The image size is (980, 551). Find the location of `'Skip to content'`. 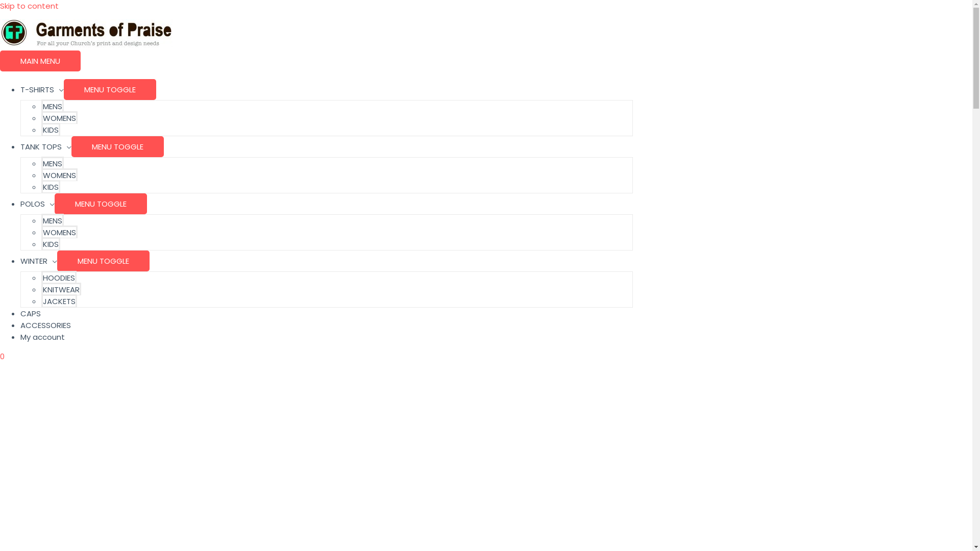

'Skip to content' is located at coordinates (29, 6).